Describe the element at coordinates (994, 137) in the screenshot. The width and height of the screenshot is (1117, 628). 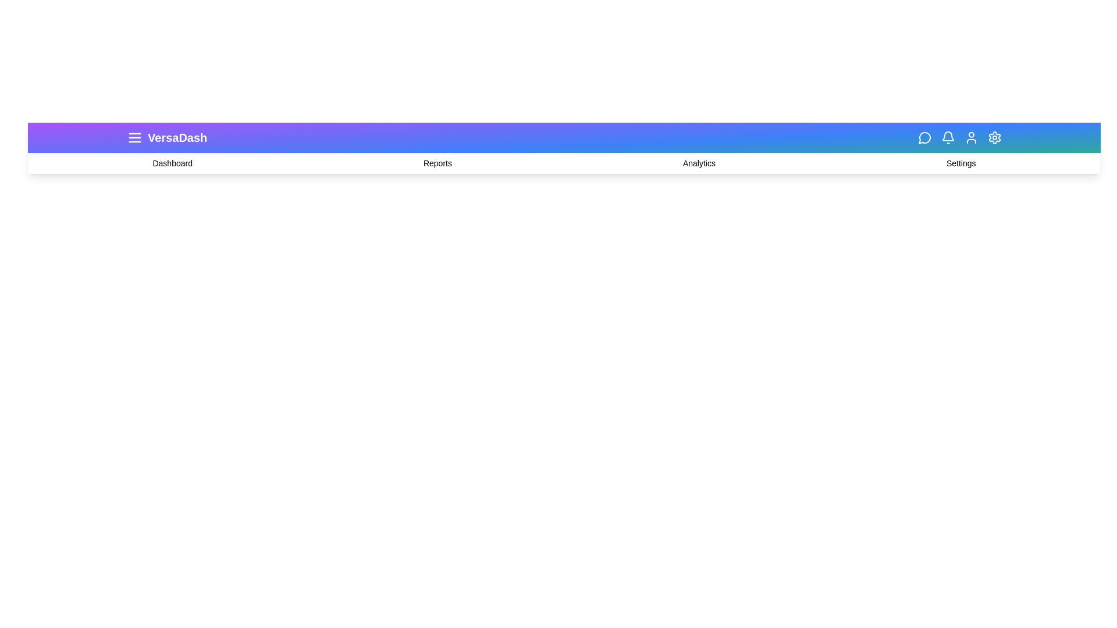
I see `the 'Settings' icon to open the settings menu` at that location.